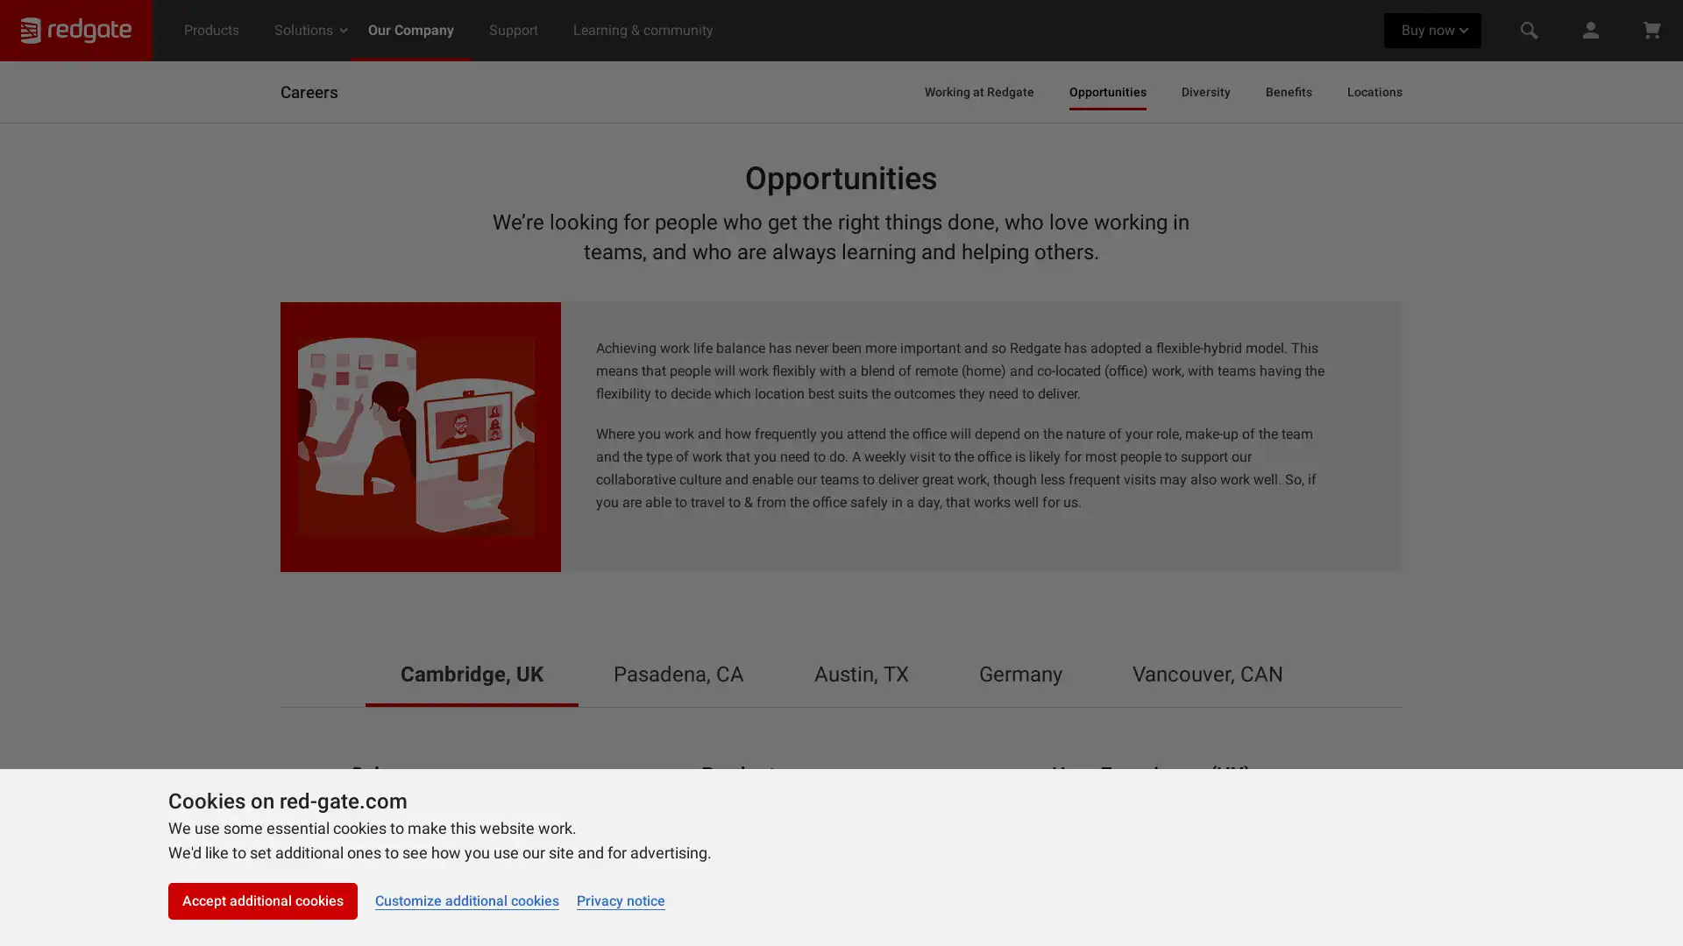  What do you see at coordinates (261, 901) in the screenshot?
I see `Accept additional cookies` at bounding box center [261, 901].